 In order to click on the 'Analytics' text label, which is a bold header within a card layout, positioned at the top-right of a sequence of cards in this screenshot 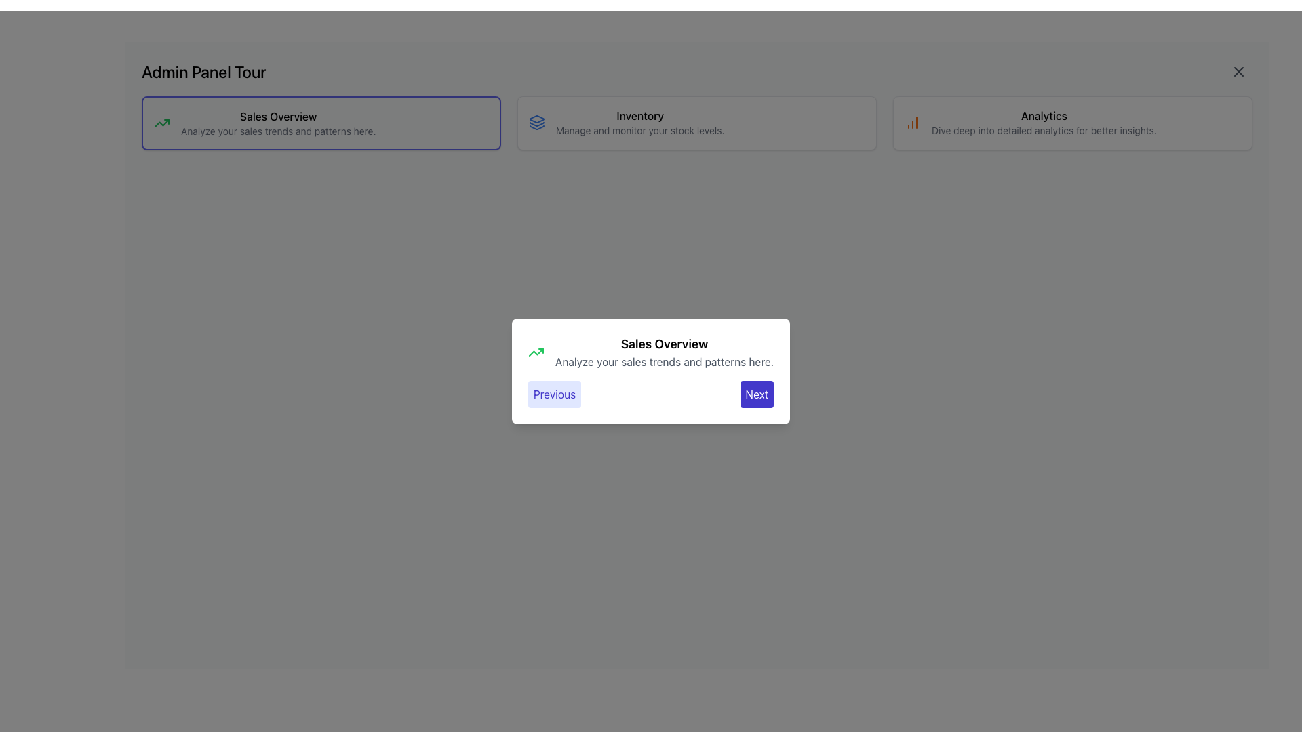, I will do `click(1043, 115)`.